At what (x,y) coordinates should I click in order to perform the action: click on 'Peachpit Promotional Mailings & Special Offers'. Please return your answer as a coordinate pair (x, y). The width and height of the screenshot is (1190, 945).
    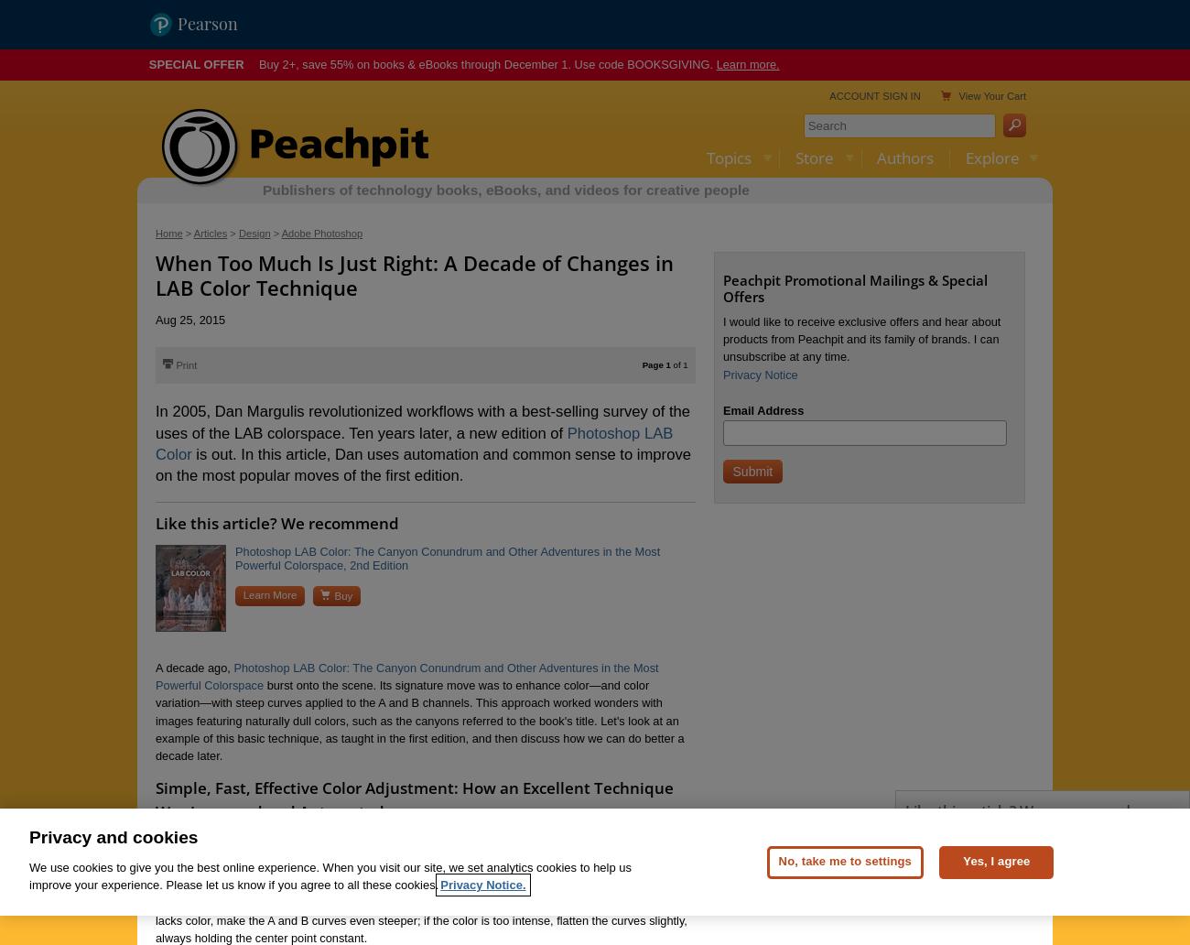
    Looking at the image, I should click on (854, 288).